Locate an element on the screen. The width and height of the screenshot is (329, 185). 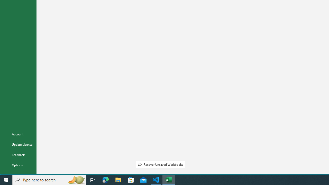
'Account' is located at coordinates (19, 134).